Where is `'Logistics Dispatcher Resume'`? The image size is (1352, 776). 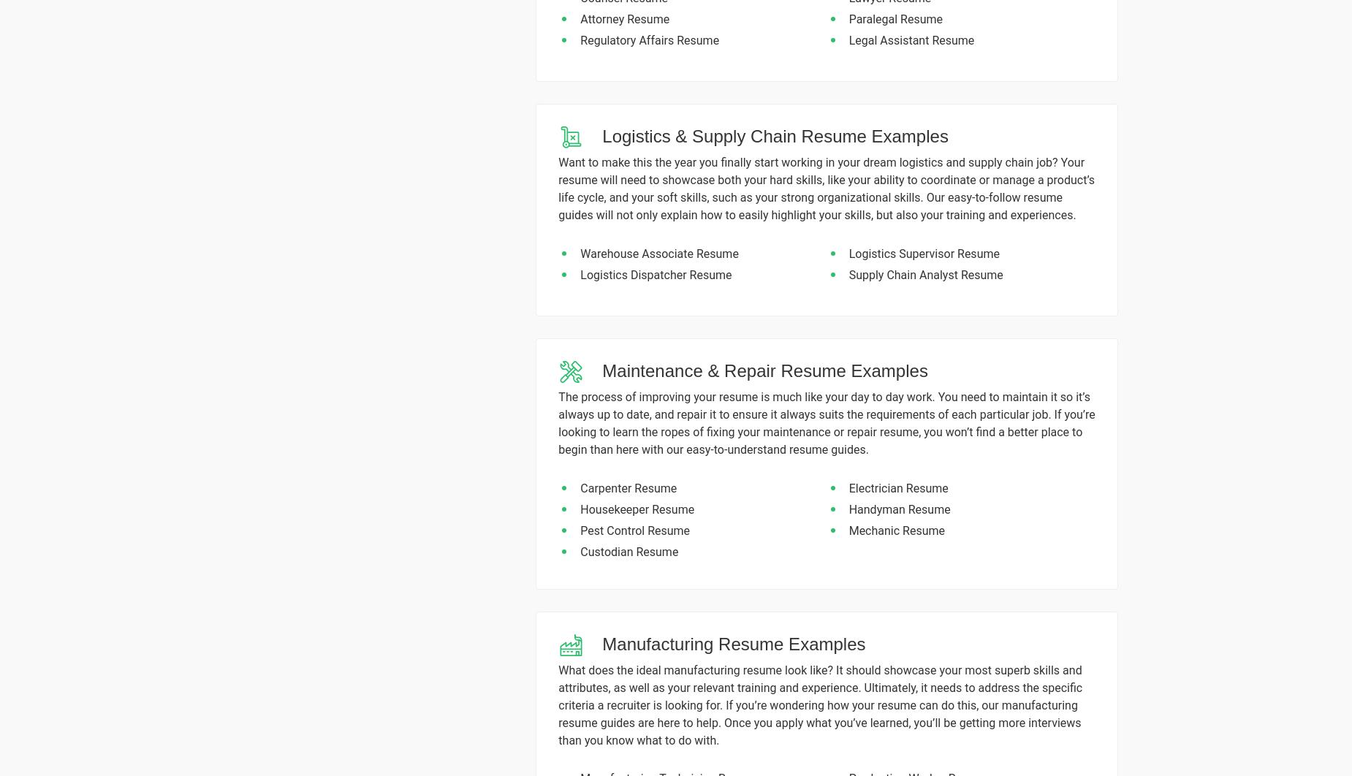 'Logistics Dispatcher Resume' is located at coordinates (656, 273).